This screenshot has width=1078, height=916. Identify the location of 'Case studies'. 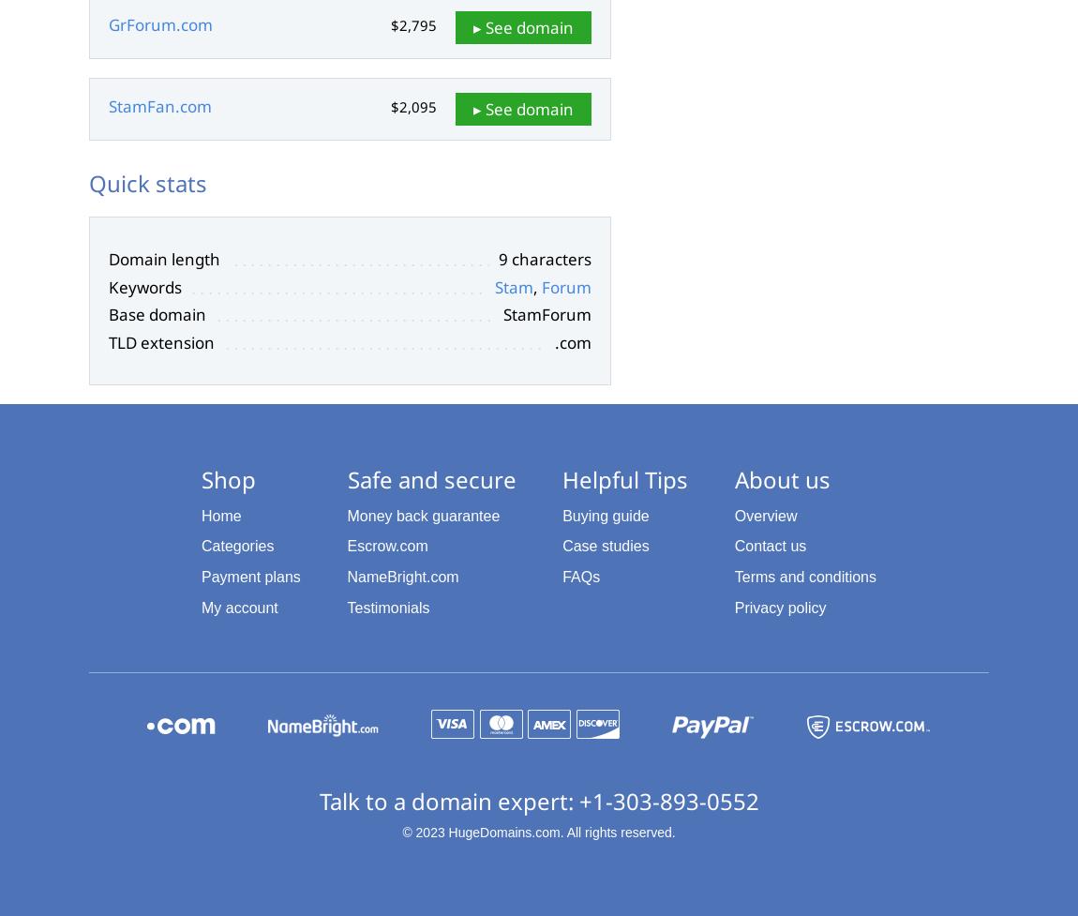
(604, 545).